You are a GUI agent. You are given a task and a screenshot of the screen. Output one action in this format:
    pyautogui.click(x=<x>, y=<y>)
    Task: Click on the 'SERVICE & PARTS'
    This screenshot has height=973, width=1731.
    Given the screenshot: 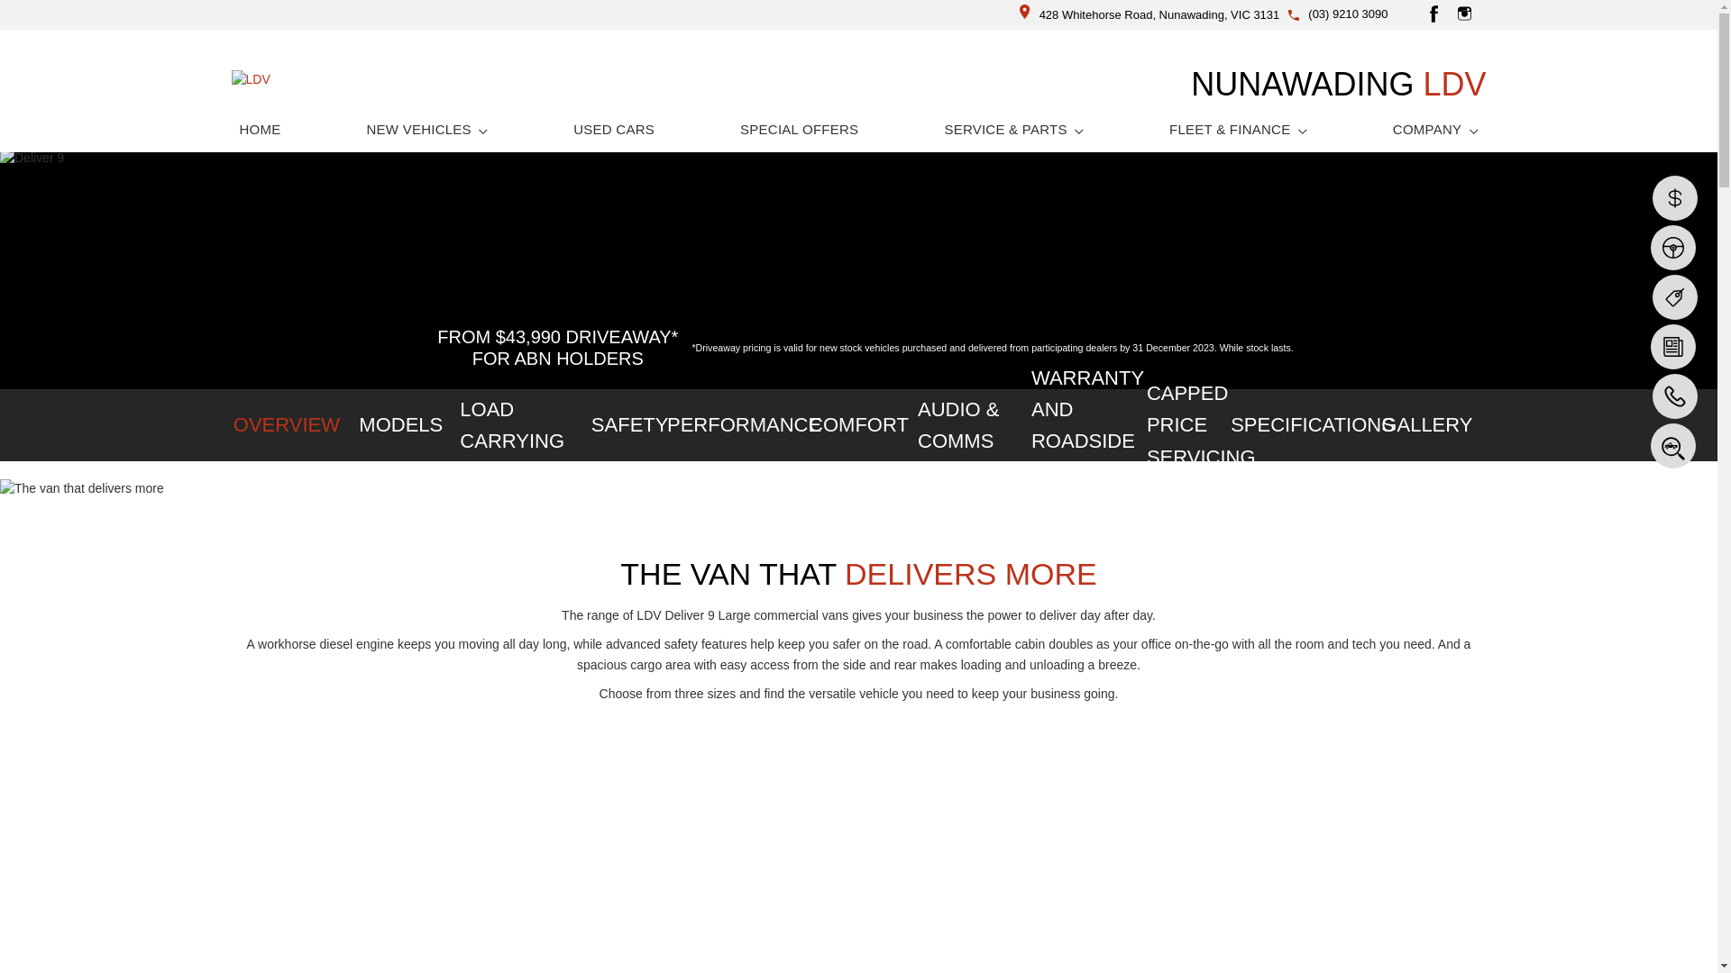 What is the action you would take?
    pyautogui.click(x=1013, y=128)
    